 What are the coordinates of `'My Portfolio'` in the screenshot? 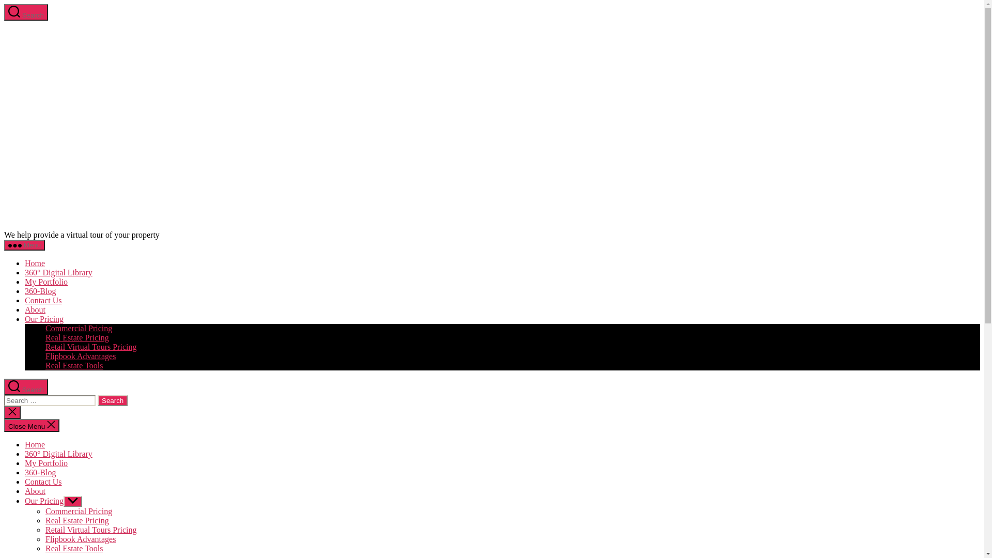 It's located at (45, 282).